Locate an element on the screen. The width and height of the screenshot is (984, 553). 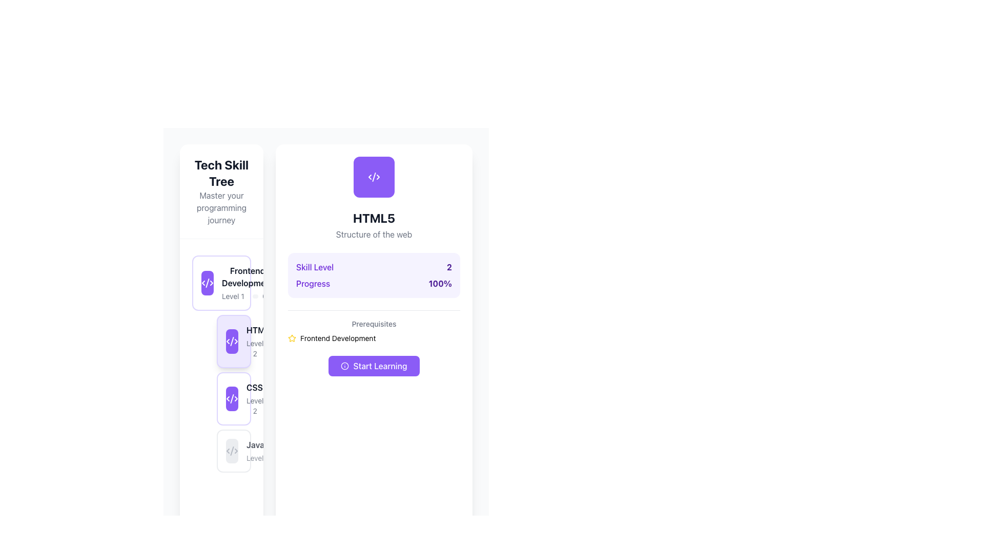
the icon representing 'CSS Level 2' skill in the third card of the vertical skill level list on the left sidebar is located at coordinates (231, 398).